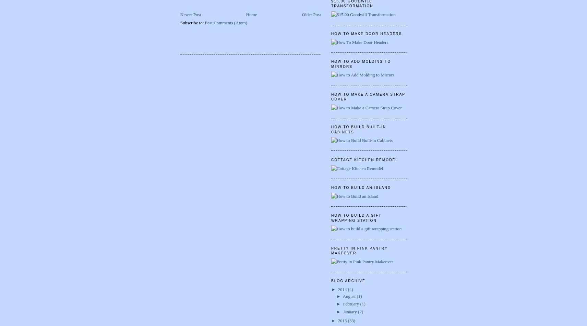 Image resolution: width=587 pixels, height=326 pixels. I want to click on '(4)', so click(347, 289).